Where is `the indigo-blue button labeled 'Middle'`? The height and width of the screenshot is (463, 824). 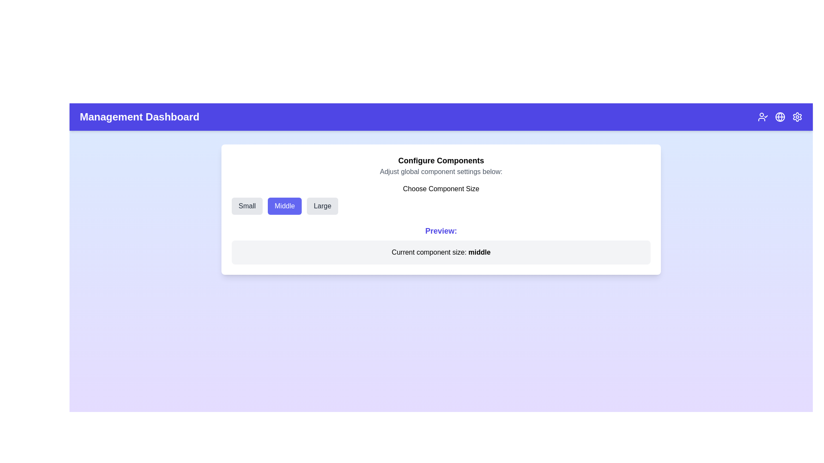 the indigo-blue button labeled 'Middle' is located at coordinates (285, 206).